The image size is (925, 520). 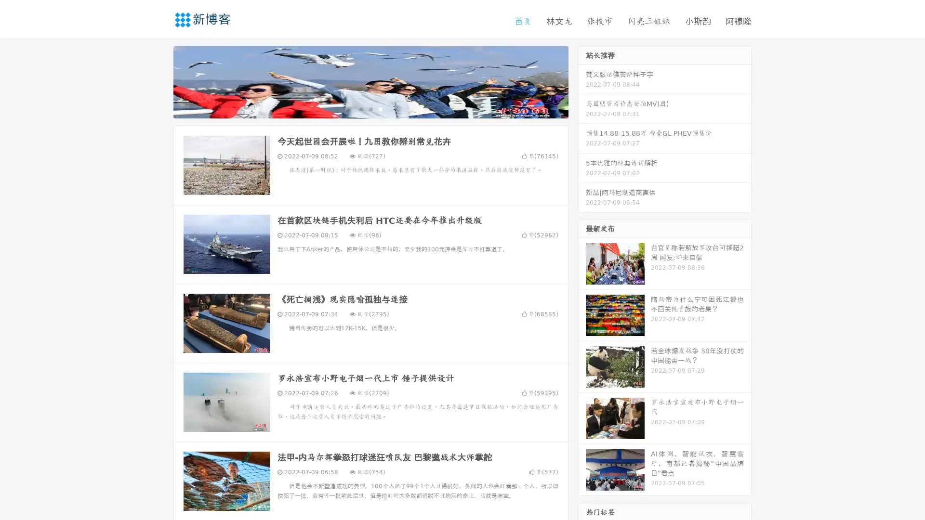 I want to click on Previous slide, so click(x=159, y=81).